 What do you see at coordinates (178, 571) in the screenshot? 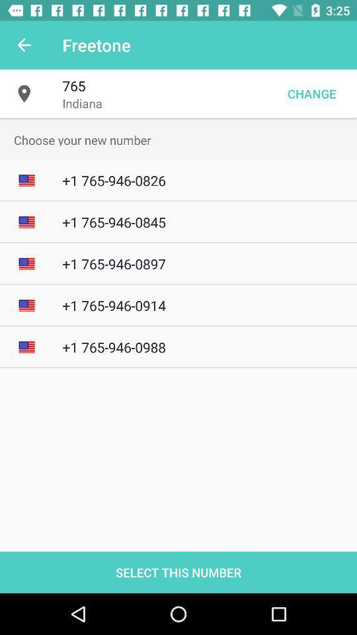
I see `select this number icon` at bounding box center [178, 571].